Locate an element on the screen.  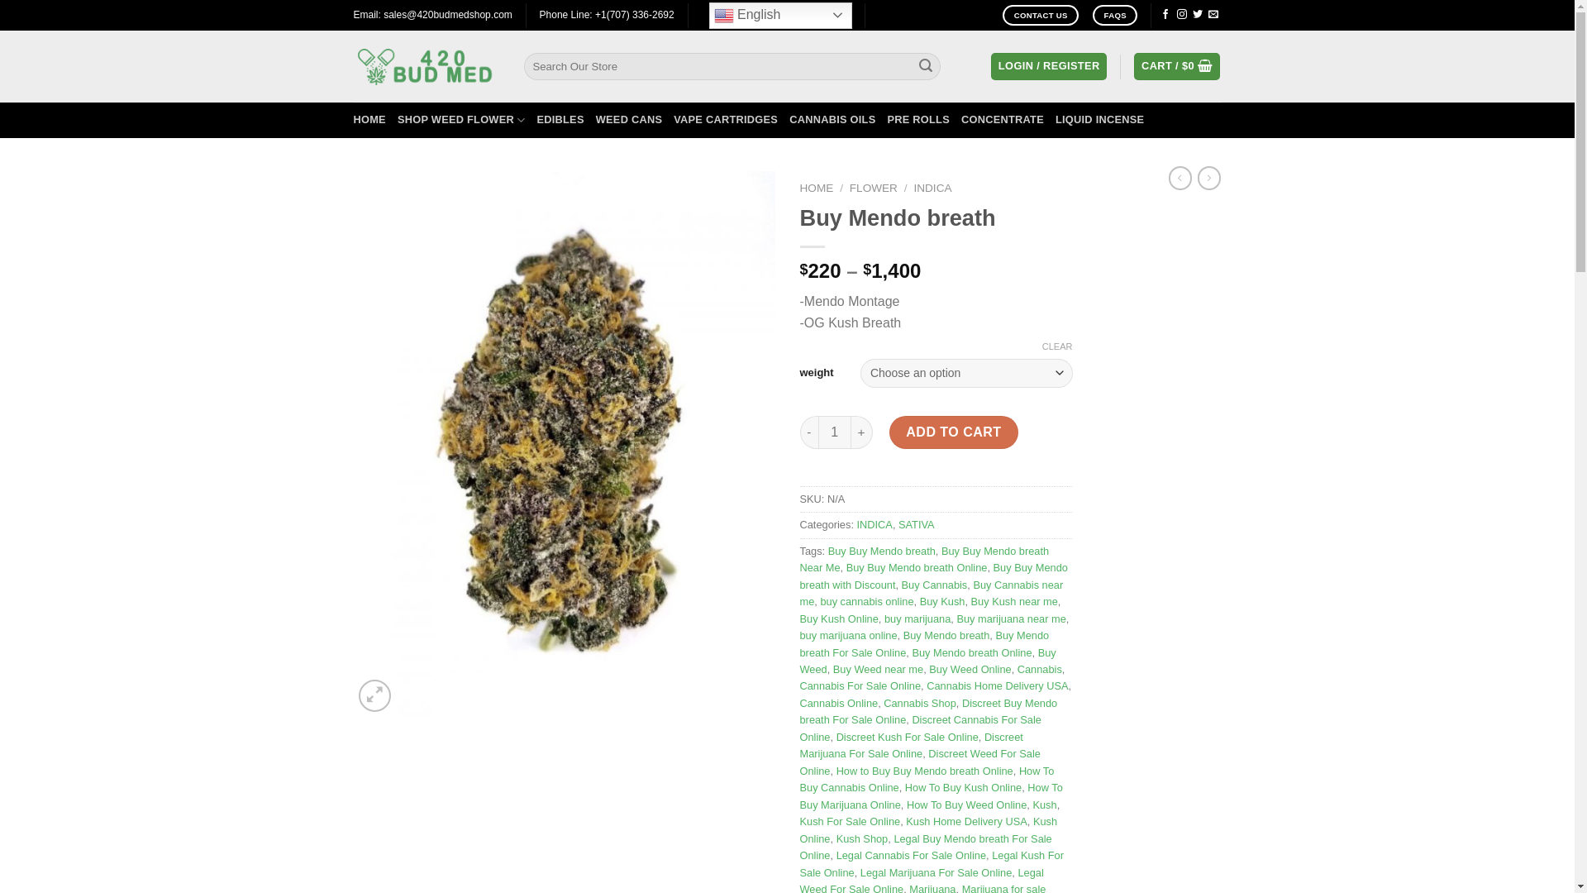
'buy cannabis online' is located at coordinates (865, 601).